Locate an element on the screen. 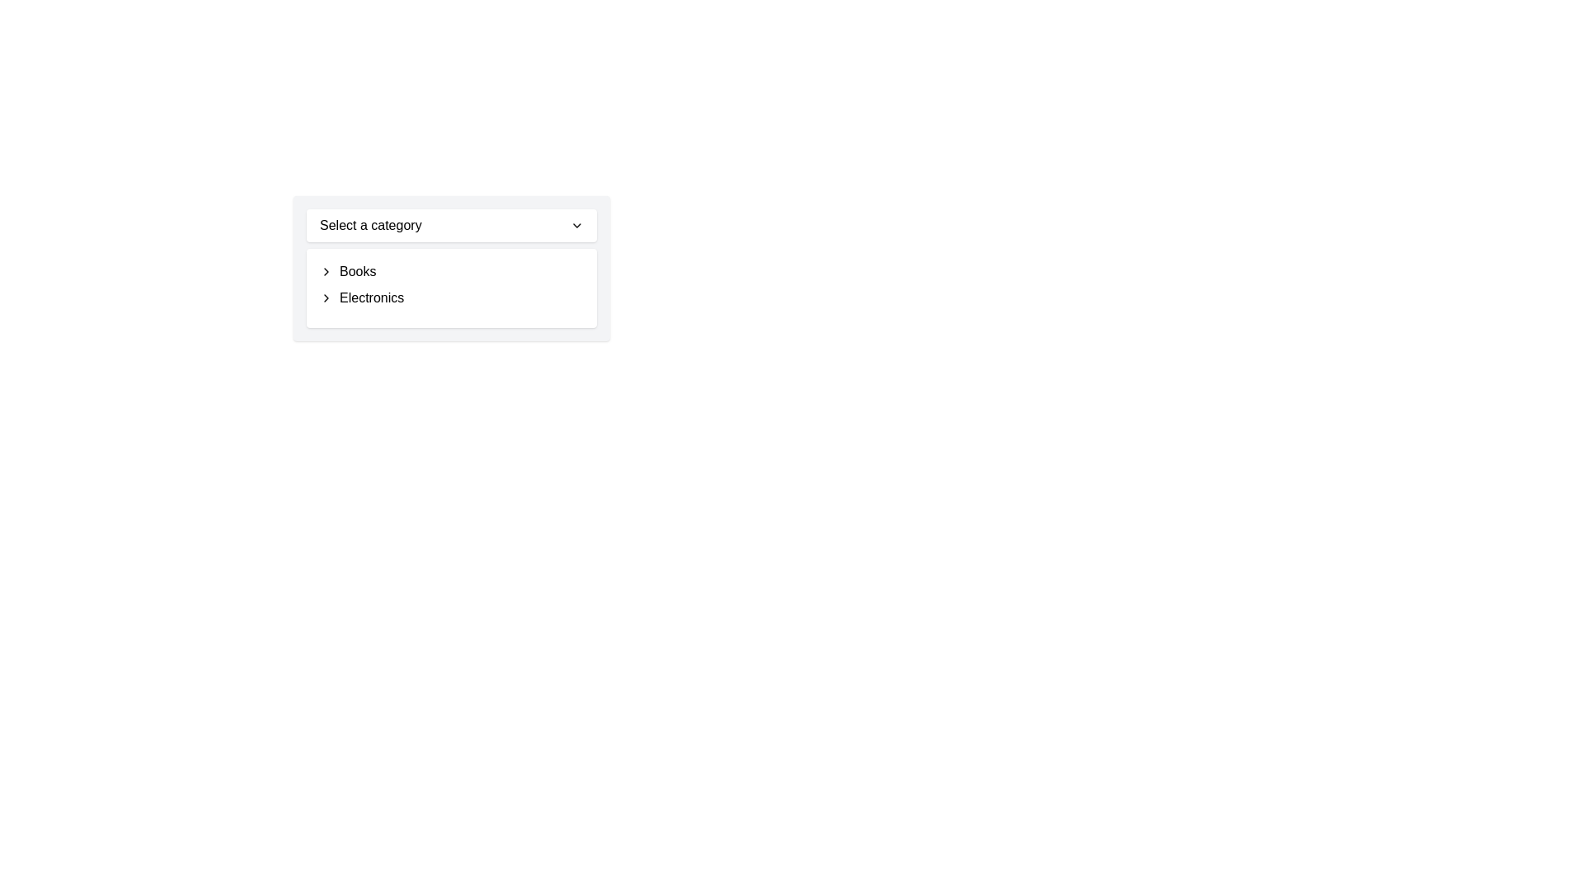  the 'Electronics' category list item, which is the second item in the category list is located at coordinates (451, 298).